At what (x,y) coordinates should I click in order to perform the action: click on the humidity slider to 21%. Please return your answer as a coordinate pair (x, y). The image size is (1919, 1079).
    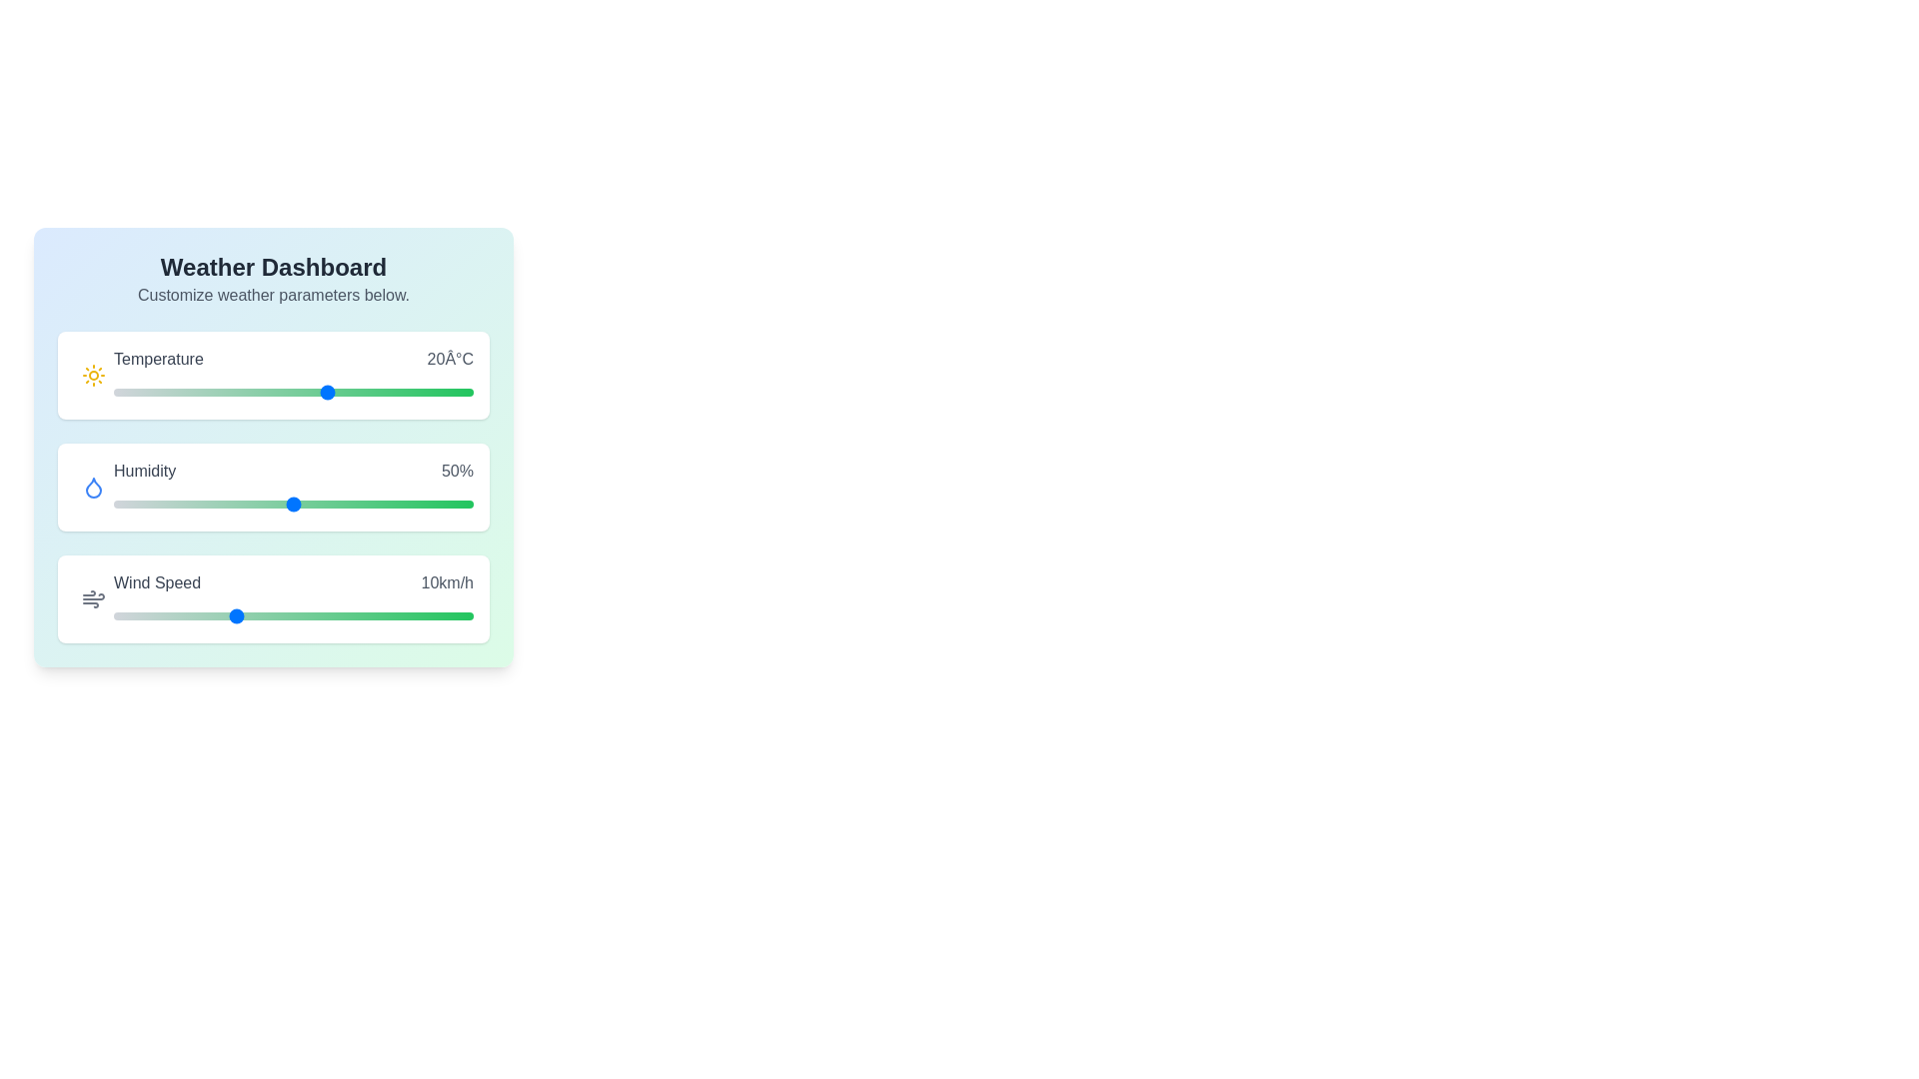
    Looking at the image, I should click on (189, 504).